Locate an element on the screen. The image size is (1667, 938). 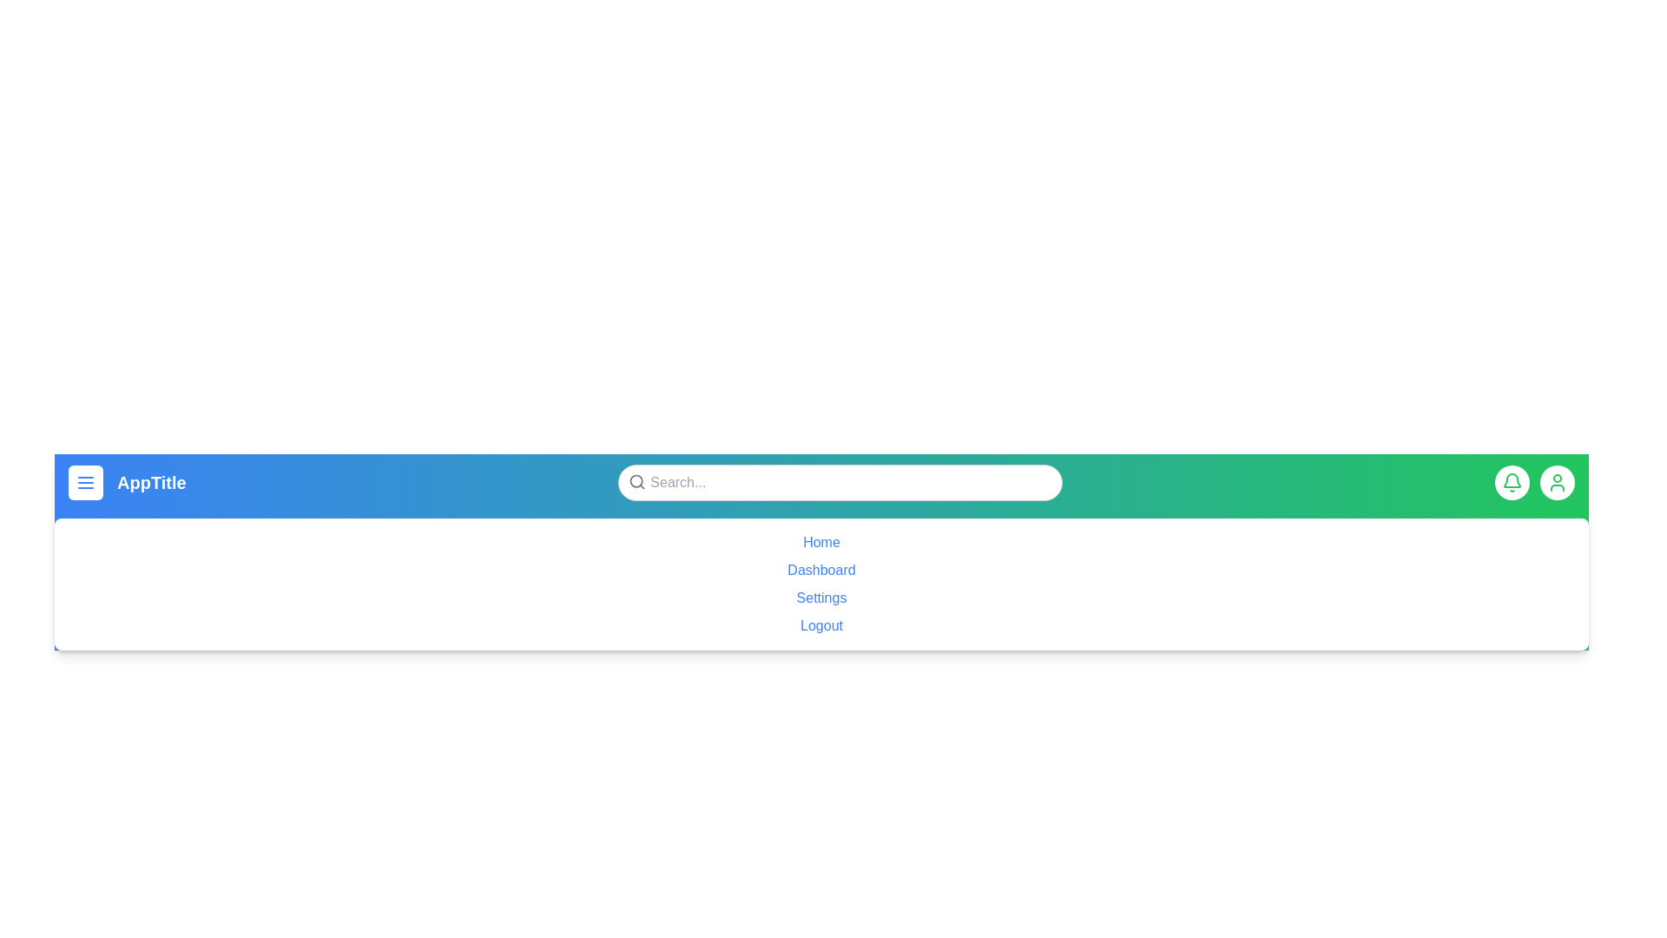
the user icon to access the user profile settings is located at coordinates (1558, 482).